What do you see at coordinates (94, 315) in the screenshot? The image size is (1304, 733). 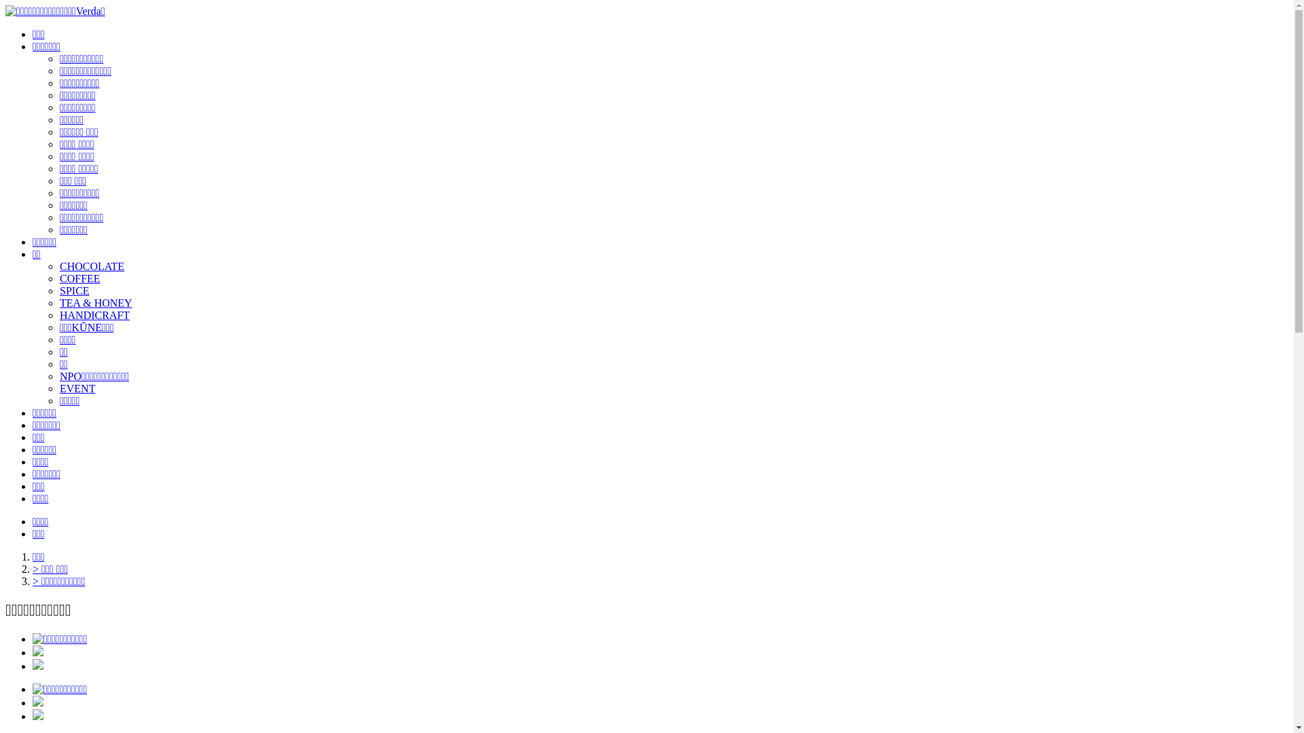 I see `'HANDICRAFT'` at bounding box center [94, 315].